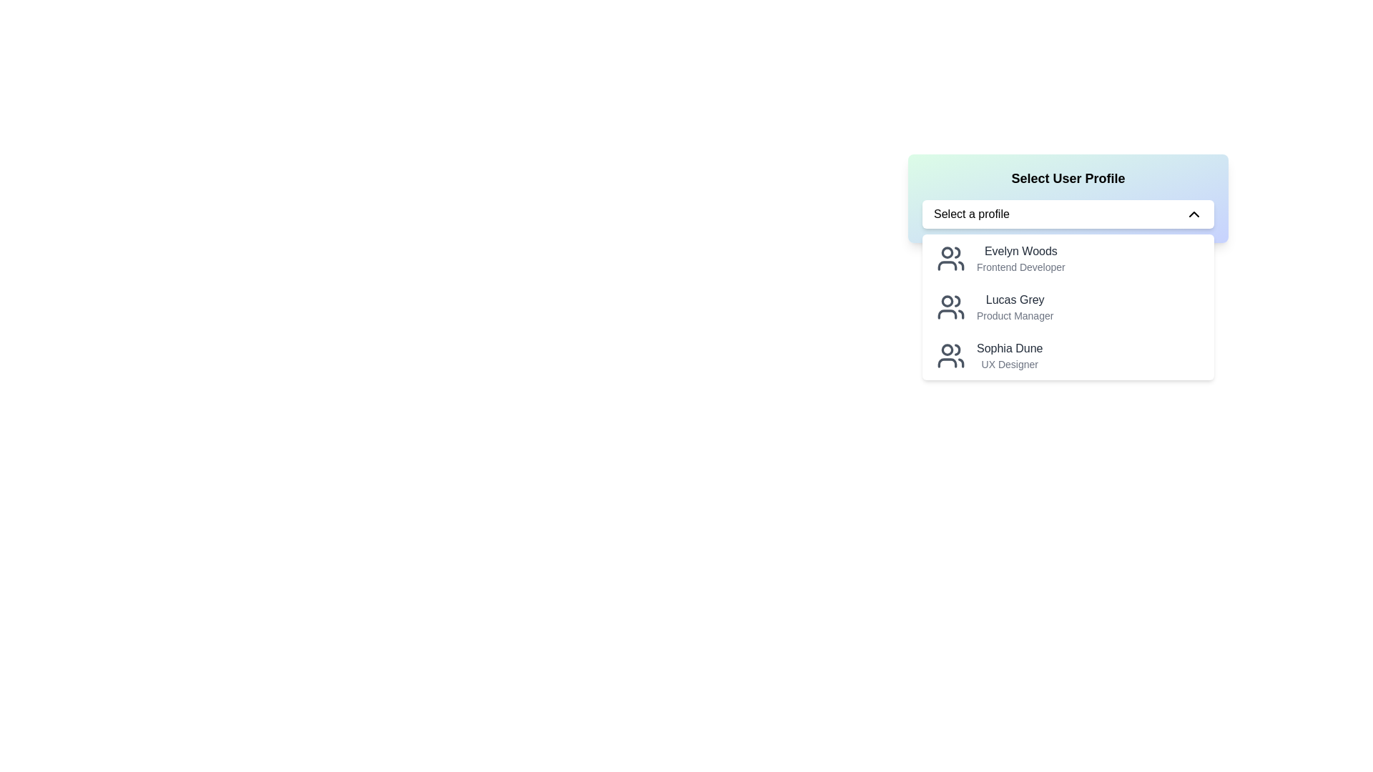 The width and height of the screenshot is (1373, 772). Describe the element at coordinates (1020, 267) in the screenshot. I see `descriptive label that indicates the job title or role of the user 'Evelyn Woods', located directly below the 'Evelyn Woods' text in the user profile dropdown list` at that location.